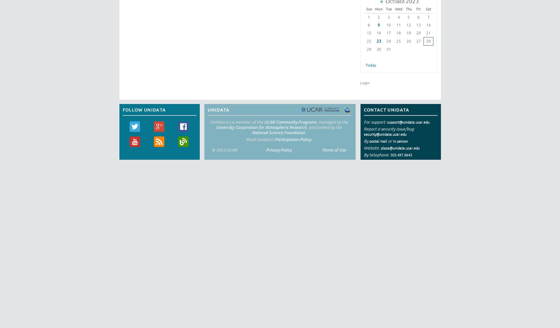  I want to click on '25', so click(398, 40).